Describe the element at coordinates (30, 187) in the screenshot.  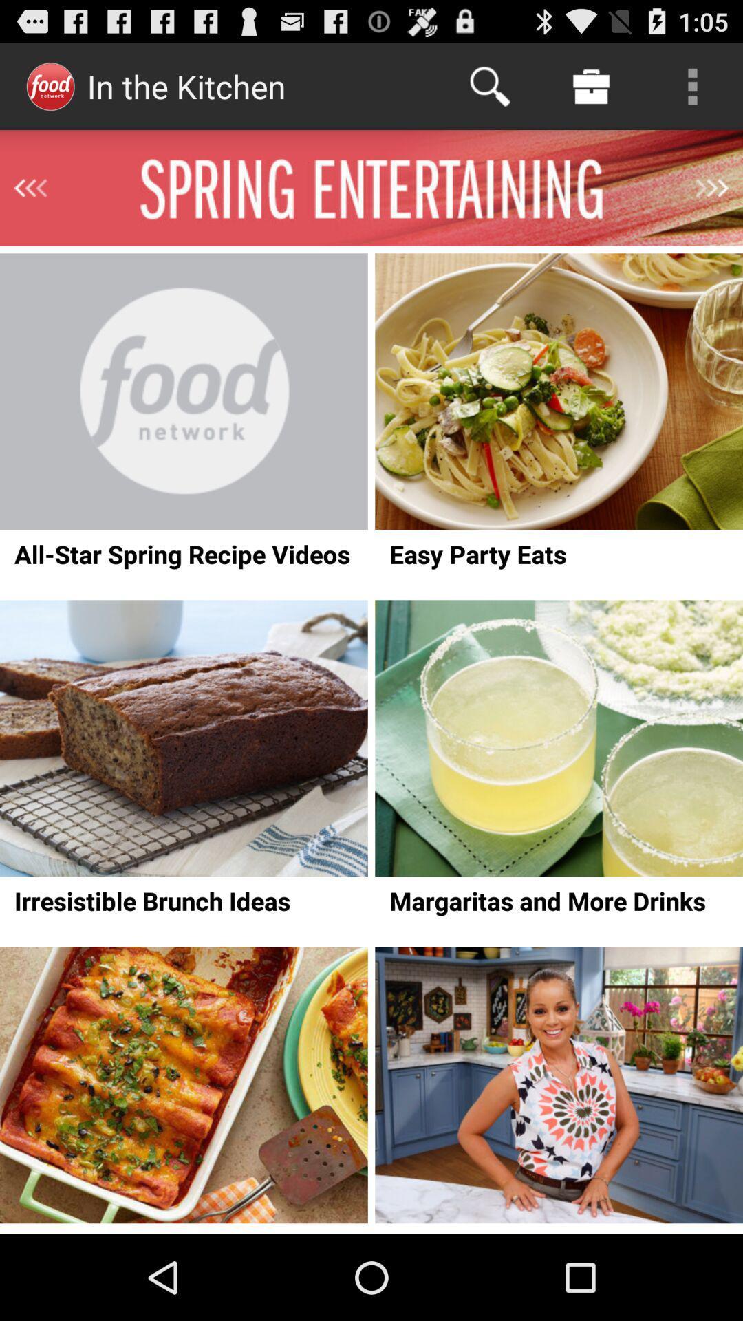
I see `go previous` at that location.